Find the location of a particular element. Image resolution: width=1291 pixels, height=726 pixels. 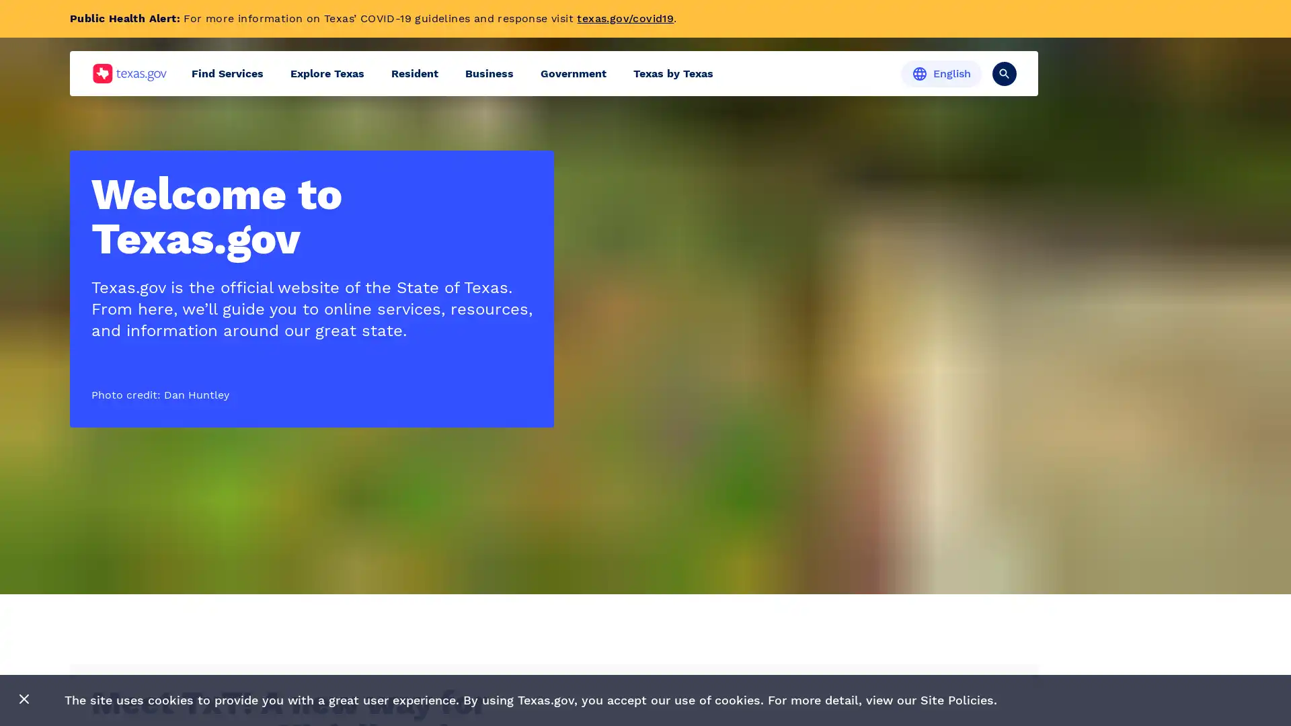

Explore Texas is located at coordinates (327, 73).